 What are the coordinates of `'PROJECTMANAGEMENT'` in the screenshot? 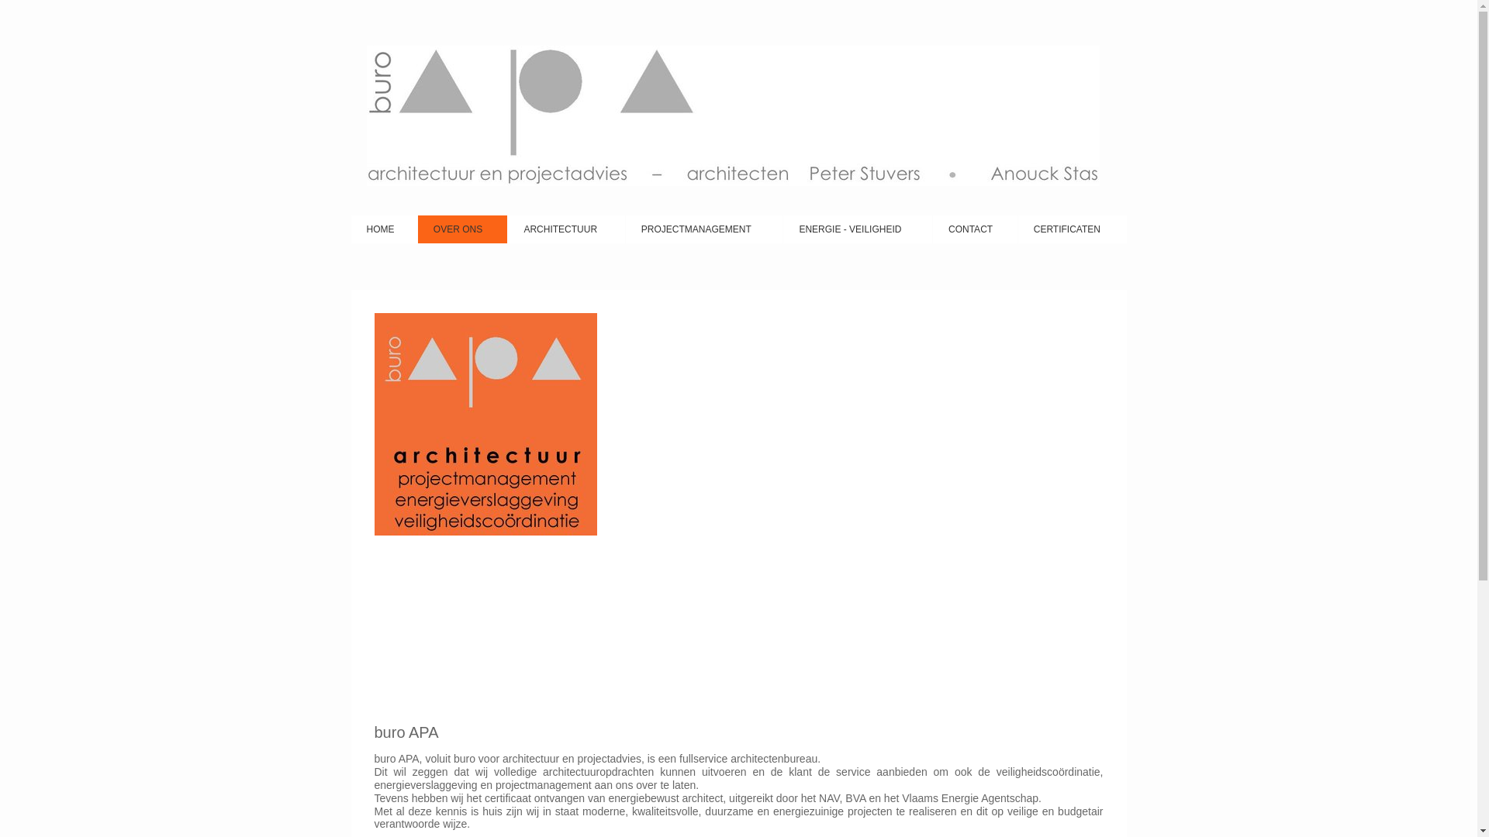 It's located at (703, 229).